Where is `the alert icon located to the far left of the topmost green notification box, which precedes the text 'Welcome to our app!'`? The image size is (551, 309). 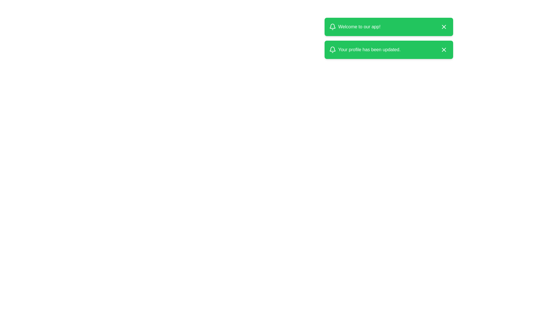 the alert icon located to the far left of the topmost green notification box, which precedes the text 'Welcome to our app!' is located at coordinates (332, 27).